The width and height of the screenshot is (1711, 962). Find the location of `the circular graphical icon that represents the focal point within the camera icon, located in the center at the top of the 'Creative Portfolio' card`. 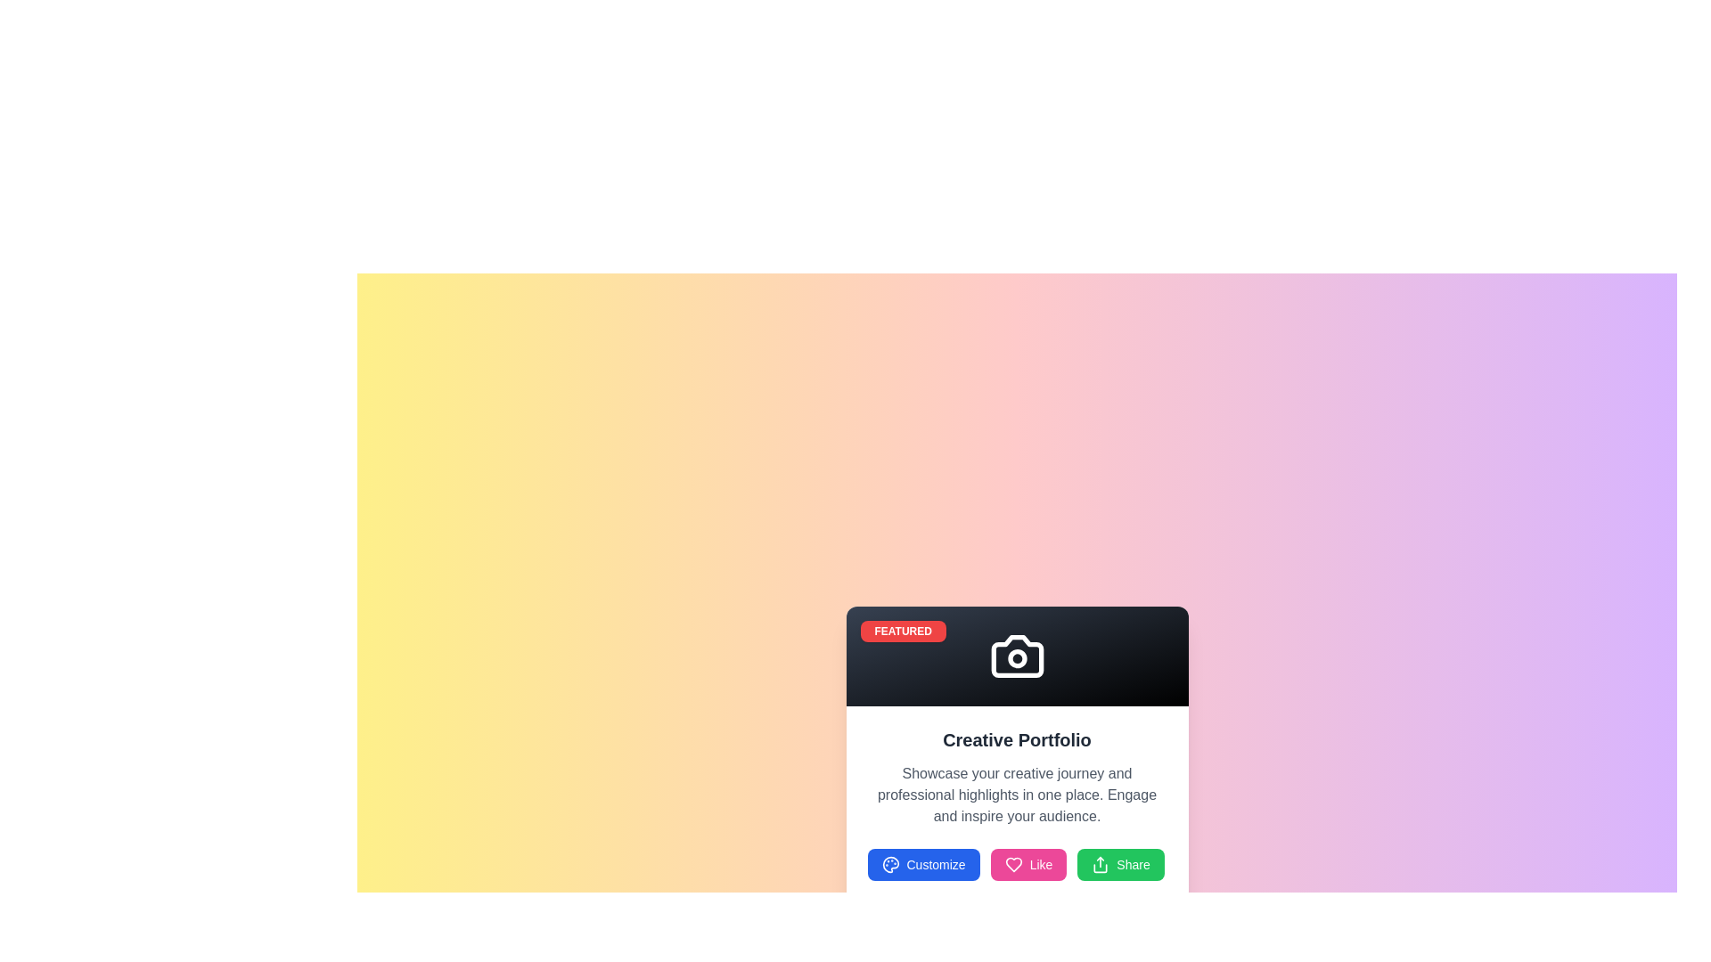

the circular graphical icon that represents the focal point within the camera icon, located in the center at the top of the 'Creative Portfolio' card is located at coordinates (1017, 658).